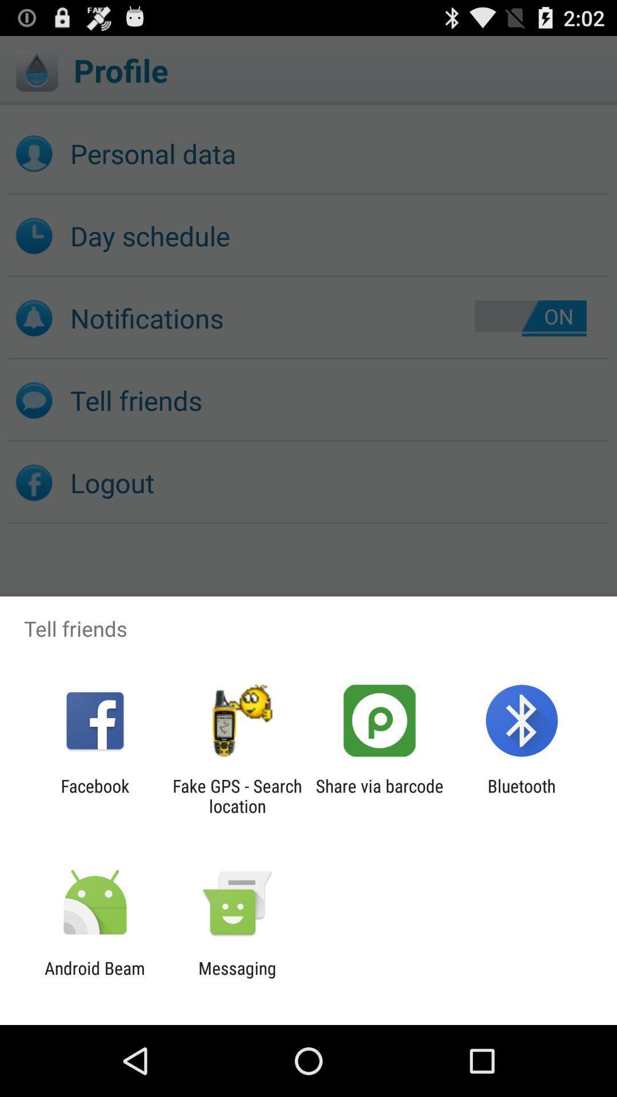 This screenshot has width=617, height=1097. I want to click on messaging item, so click(237, 978).